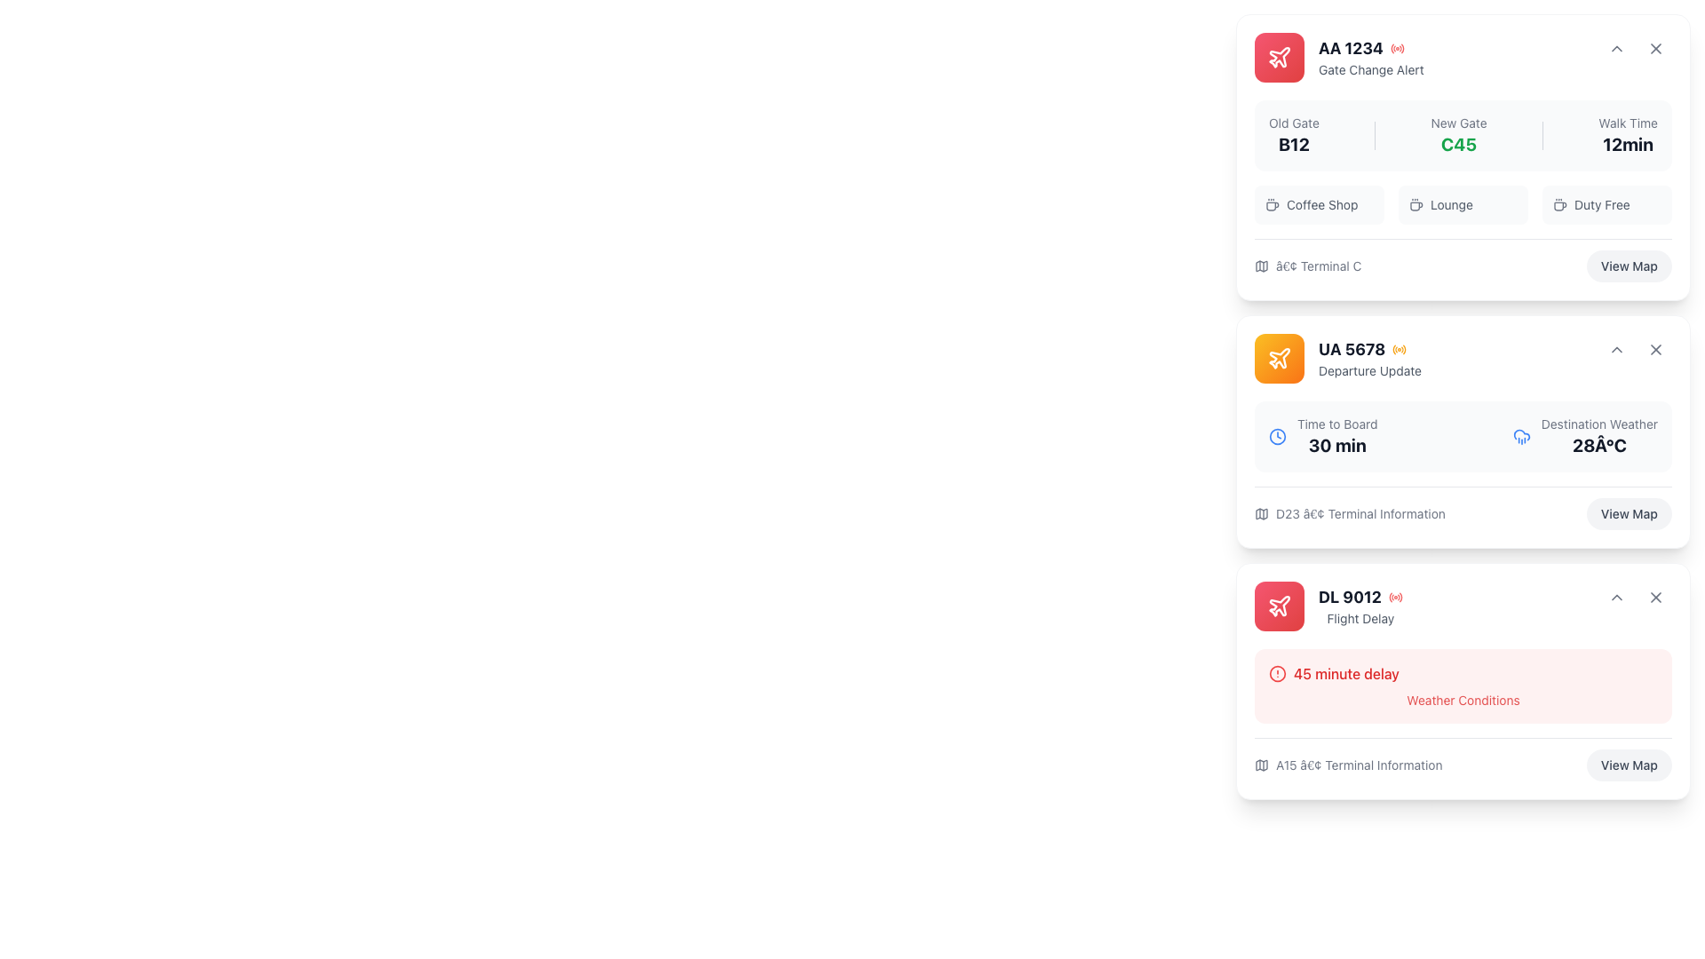  What do you see at coordinates (1374, 135) in the screenshot?
I see `the second vertical separator line in the flight status dashboard, which separates the 'Old Gate' labeled 'B12' on the left and the 'New Gate' labeled 'C45' on the right` at bounding box center [1374, 135].